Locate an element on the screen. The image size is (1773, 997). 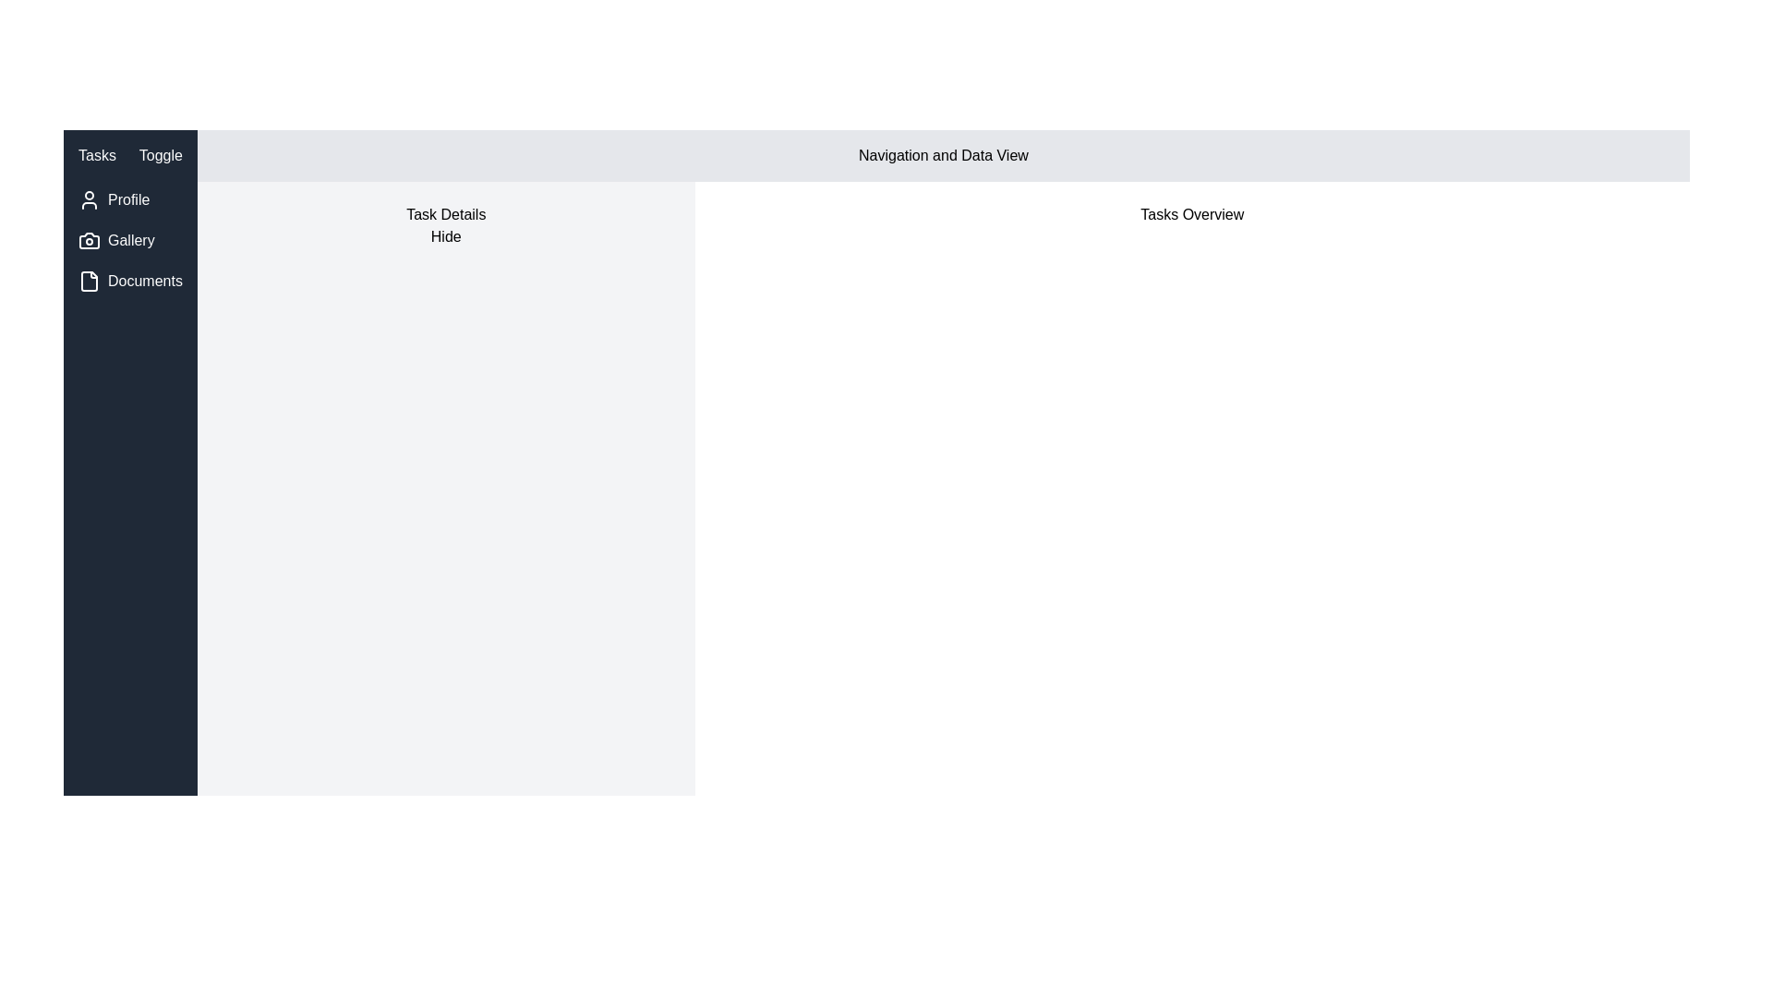
the 'Documents' icon in the left navigation sidebar, which serves as an identifier for the Documents section is located at coordinates (88, 281).